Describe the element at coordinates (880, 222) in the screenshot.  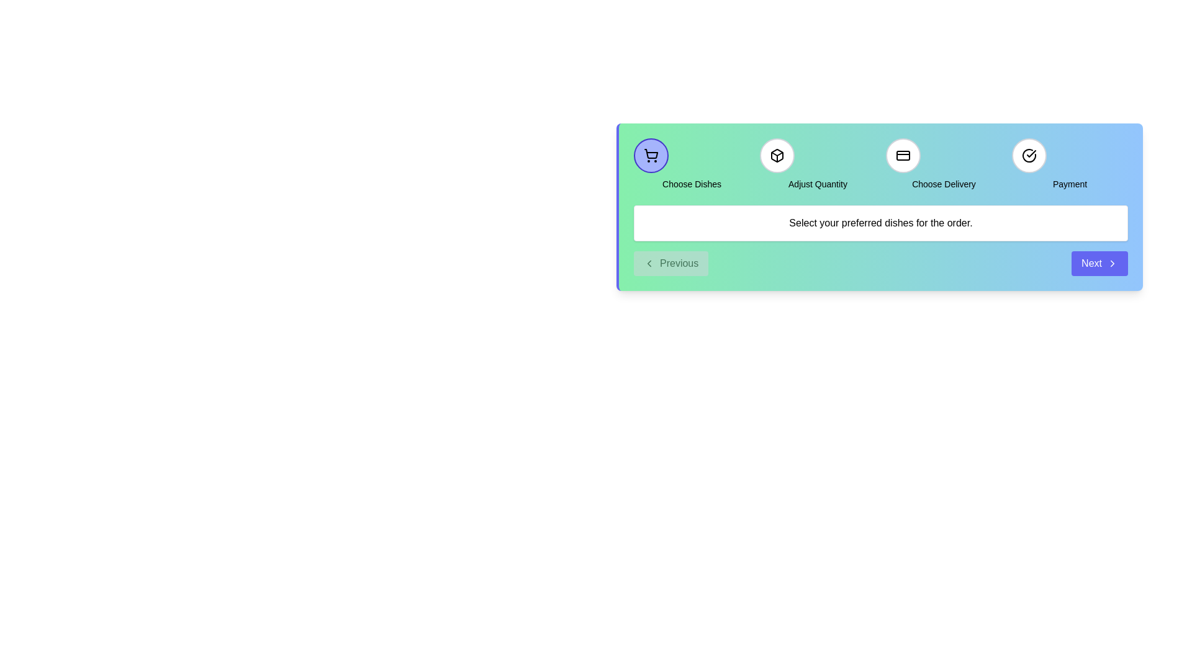
I see `static text content that instructs to 'Select your preferred dishes for the order.' located in the instruction panel` at that location.